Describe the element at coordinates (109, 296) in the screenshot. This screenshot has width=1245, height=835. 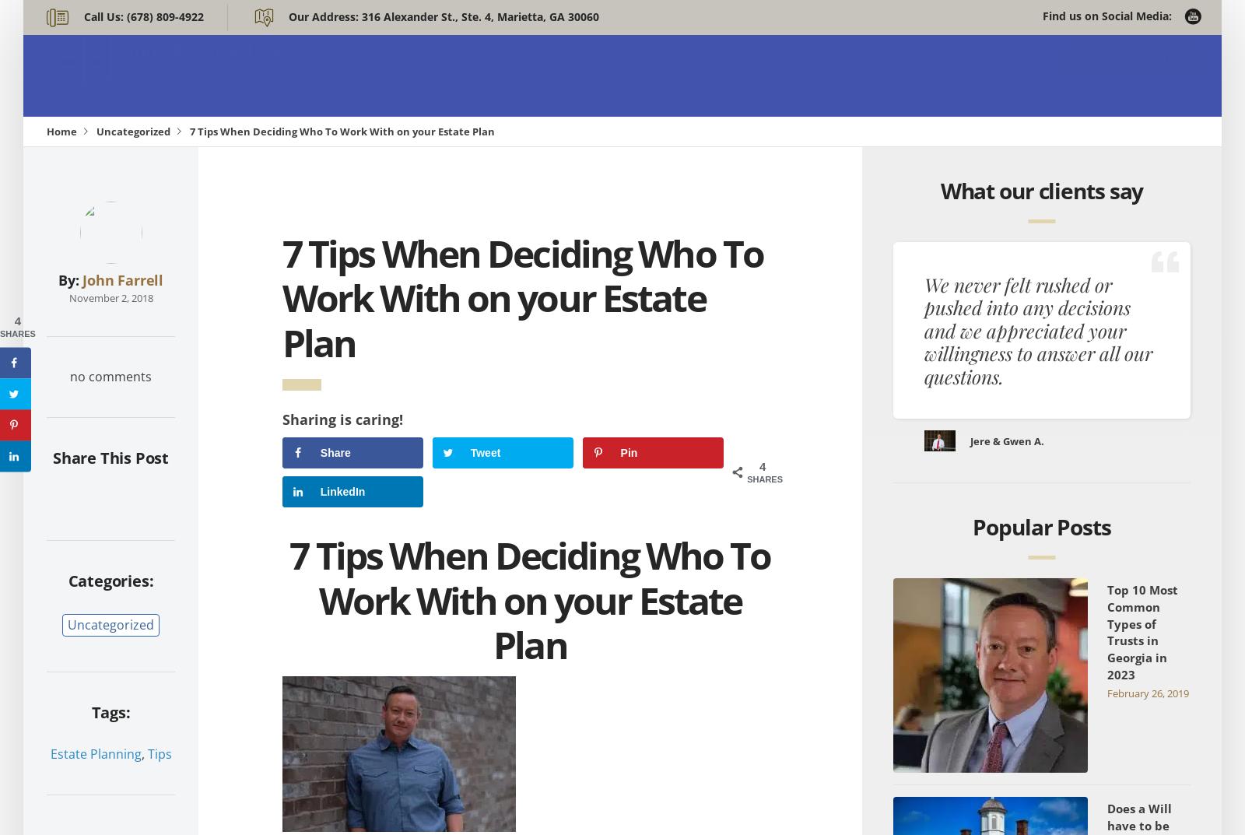
I see `'November 2, 2018'` at that location.